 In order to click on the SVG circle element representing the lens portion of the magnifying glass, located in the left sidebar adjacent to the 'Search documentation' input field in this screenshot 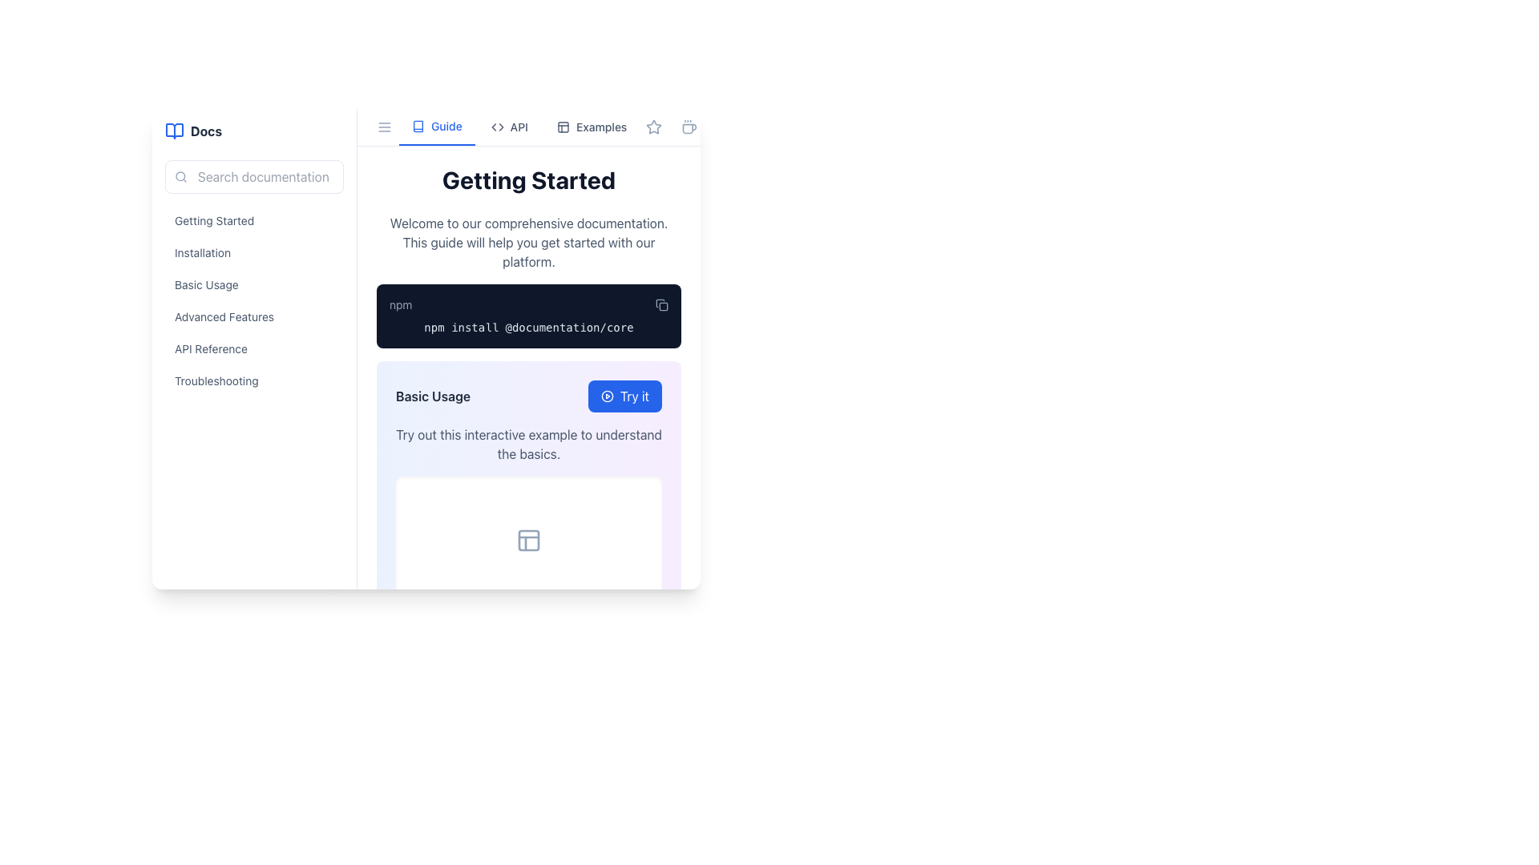, I will do `click(180, 176)`.